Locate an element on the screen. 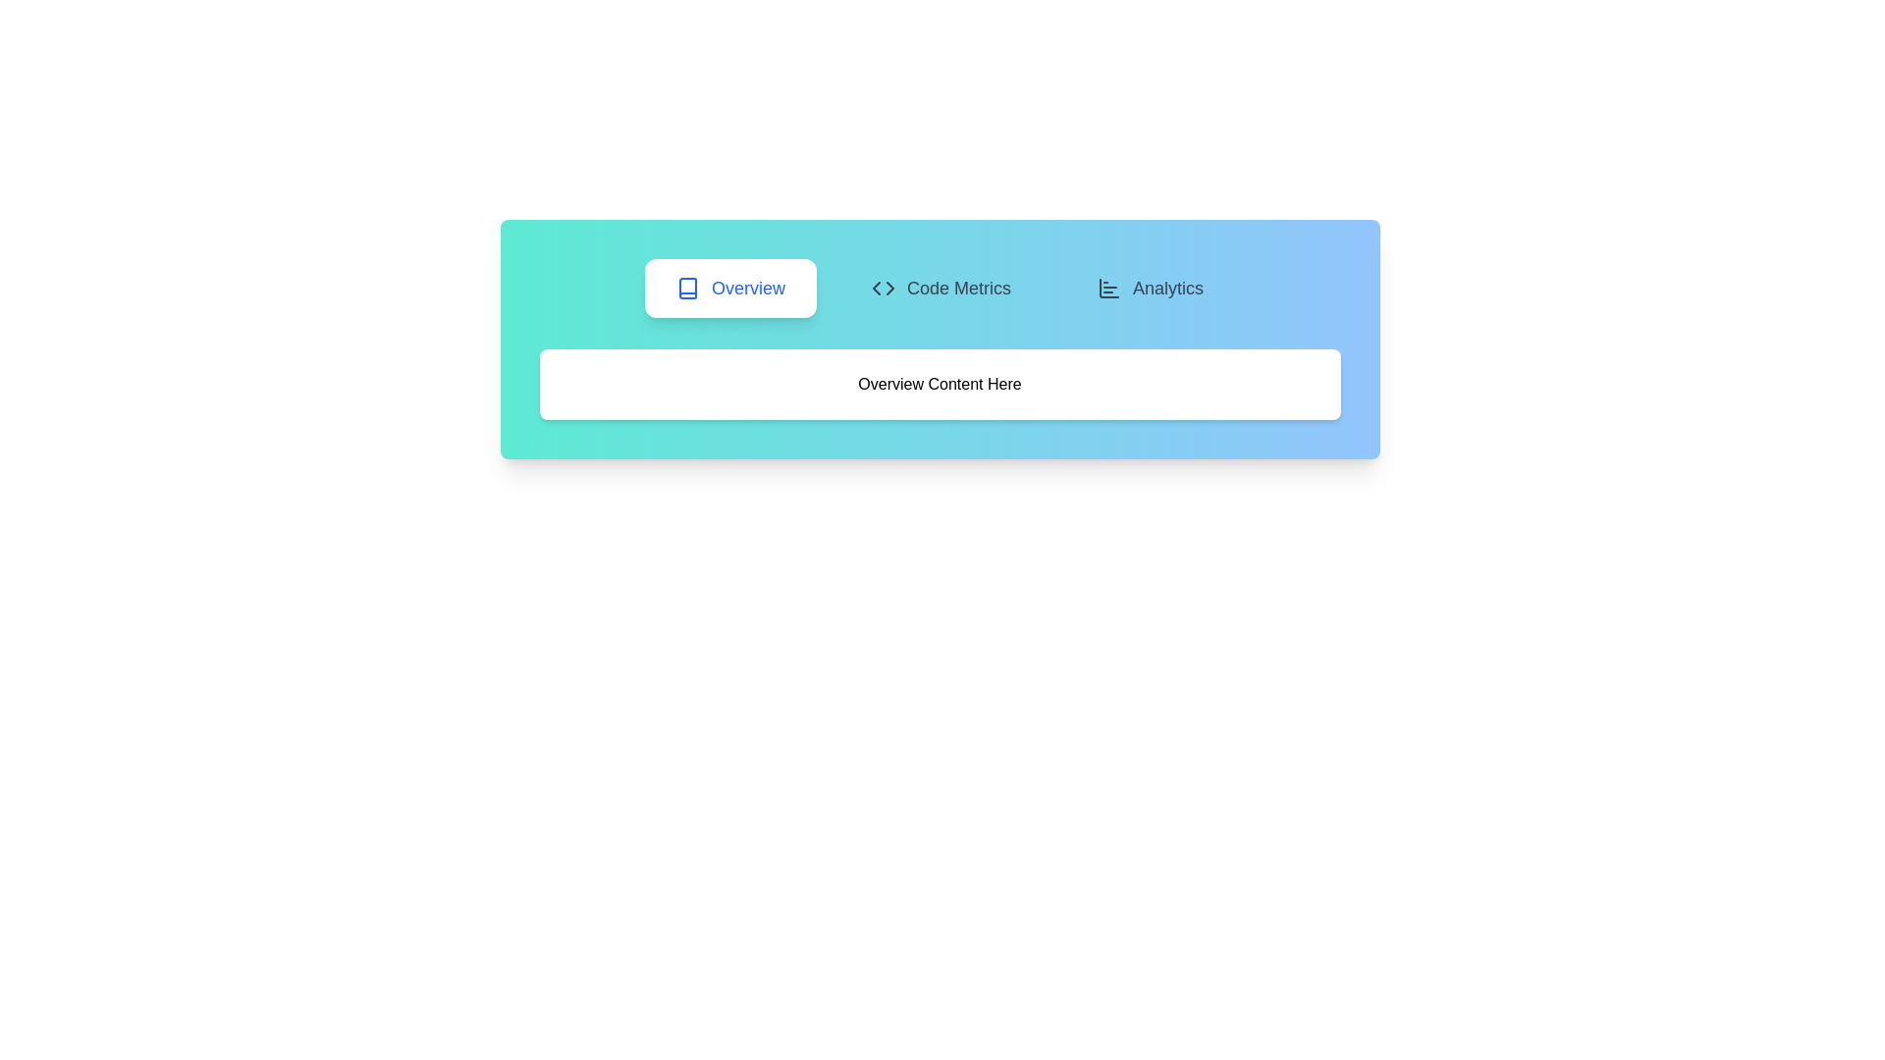 Image resolution: width=1885 pixels, height=1060 pixels. the Code Metrics tab is located at coordinates (941, 288).